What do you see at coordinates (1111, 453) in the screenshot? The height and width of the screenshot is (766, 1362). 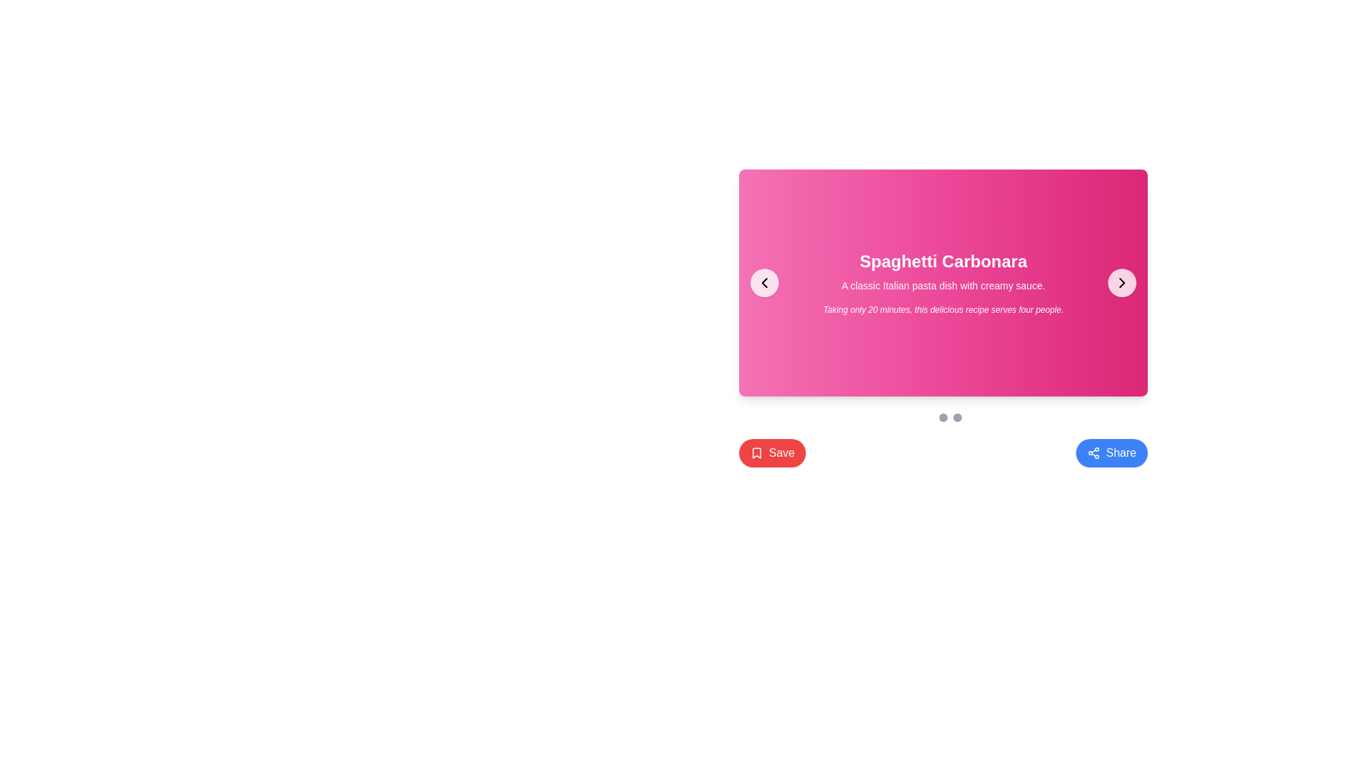 I see `the blue rounded rectangular 'Share' button with white text and a share network icon` at bounding box center [1111, 453].